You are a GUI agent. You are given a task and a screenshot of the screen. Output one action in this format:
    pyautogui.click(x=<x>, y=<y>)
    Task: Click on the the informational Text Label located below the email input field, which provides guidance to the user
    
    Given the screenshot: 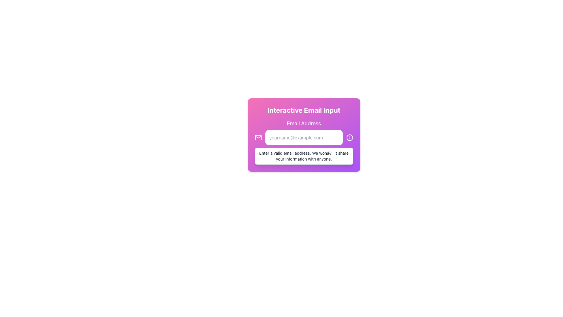 What is the action you would take?
    pyautogui.click(x=304, y=156)
    